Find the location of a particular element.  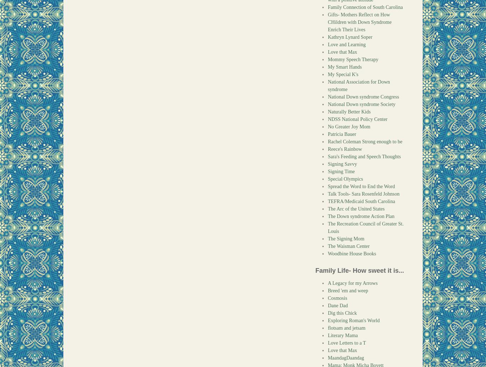

'Dane Dad' is located at coordinates (337, 305).